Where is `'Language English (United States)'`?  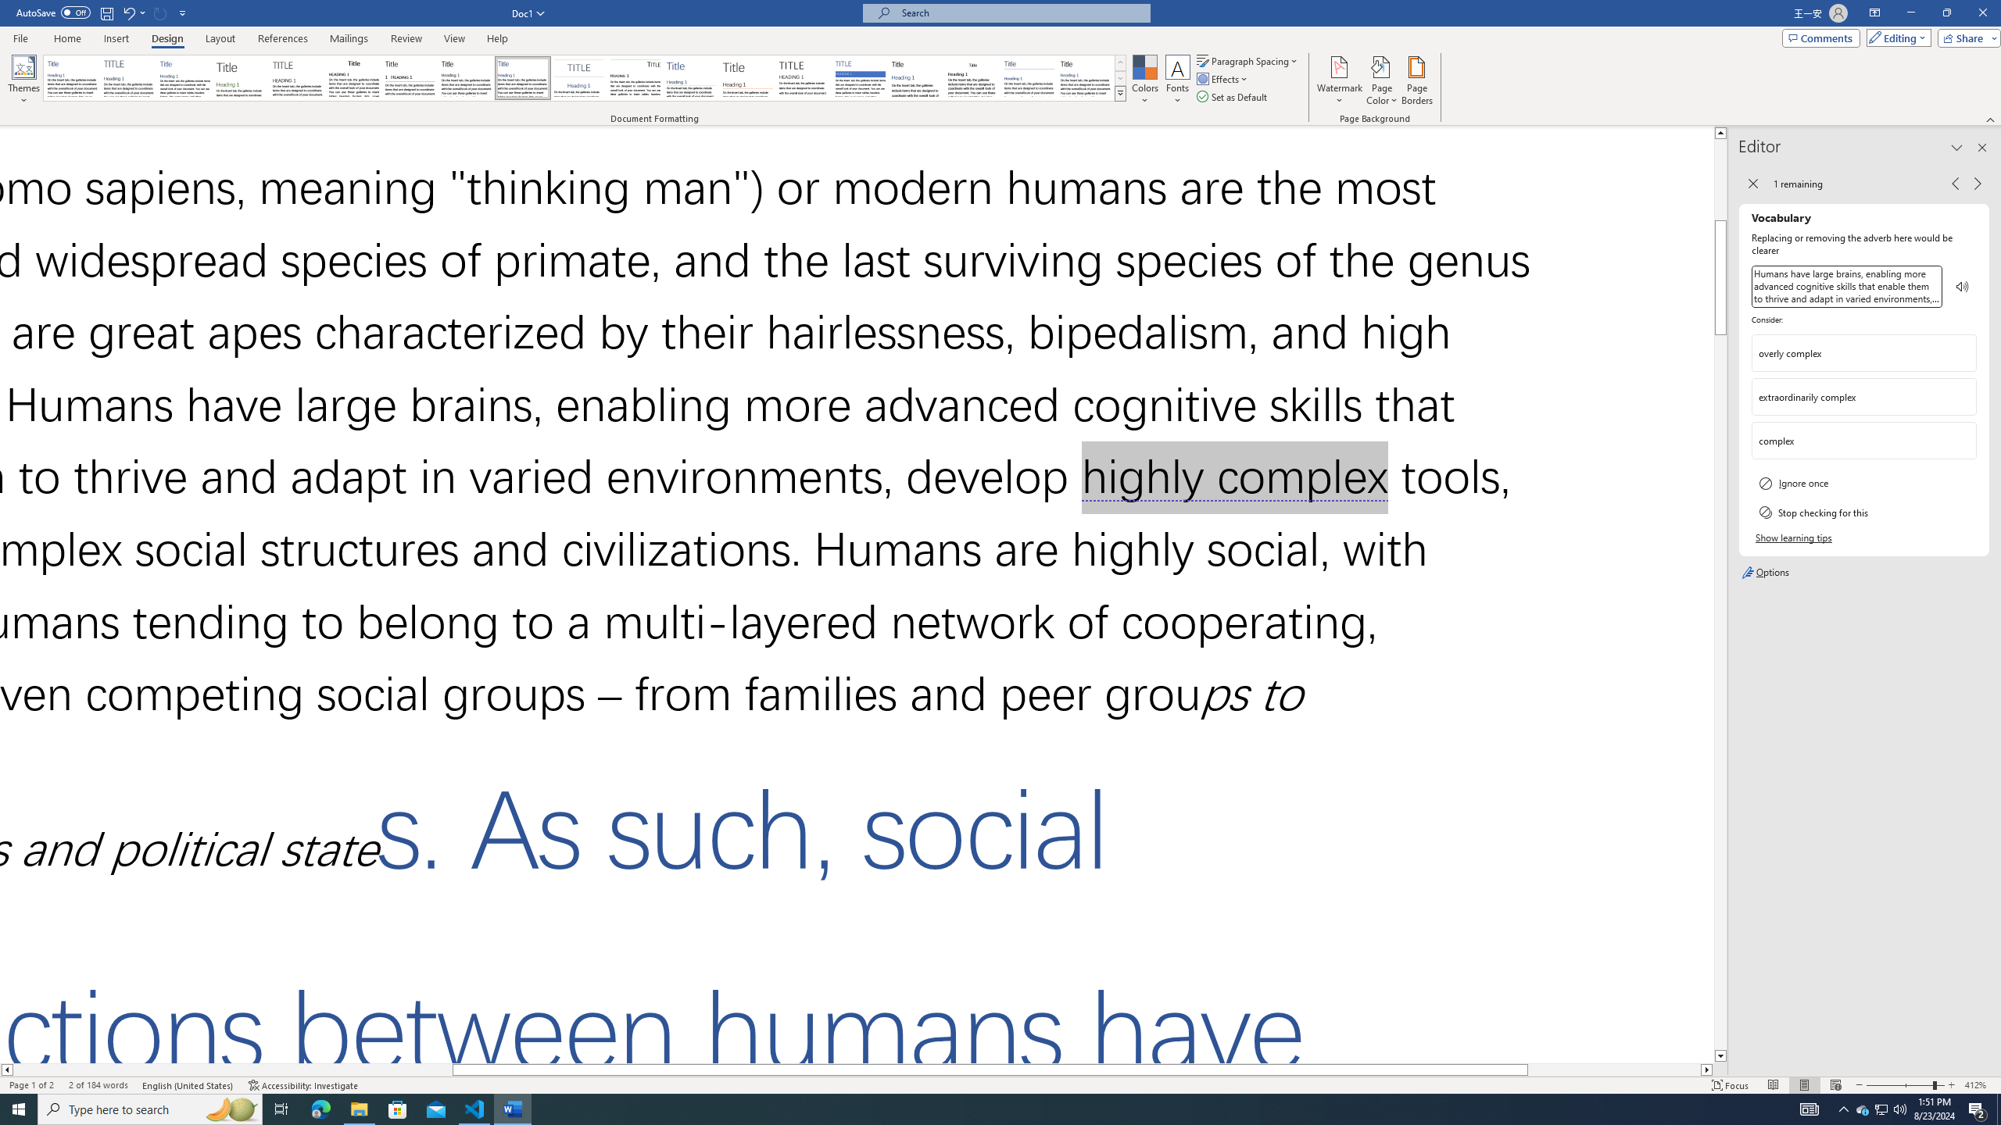
'Language English (United States)' is located at coordinates (188, 1085).